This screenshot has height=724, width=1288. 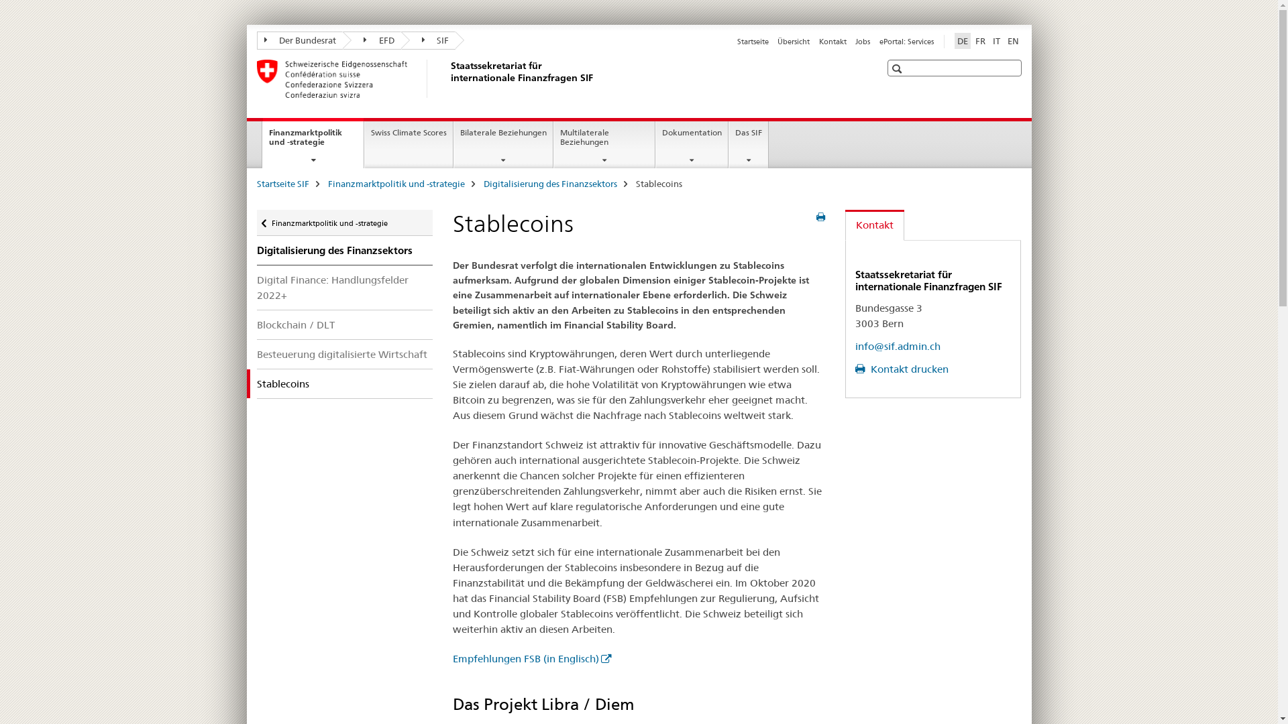 What do you see at coordinates (342, 40) in the screenshot?
I see `'EFD'` at bounding box center [342, 40].